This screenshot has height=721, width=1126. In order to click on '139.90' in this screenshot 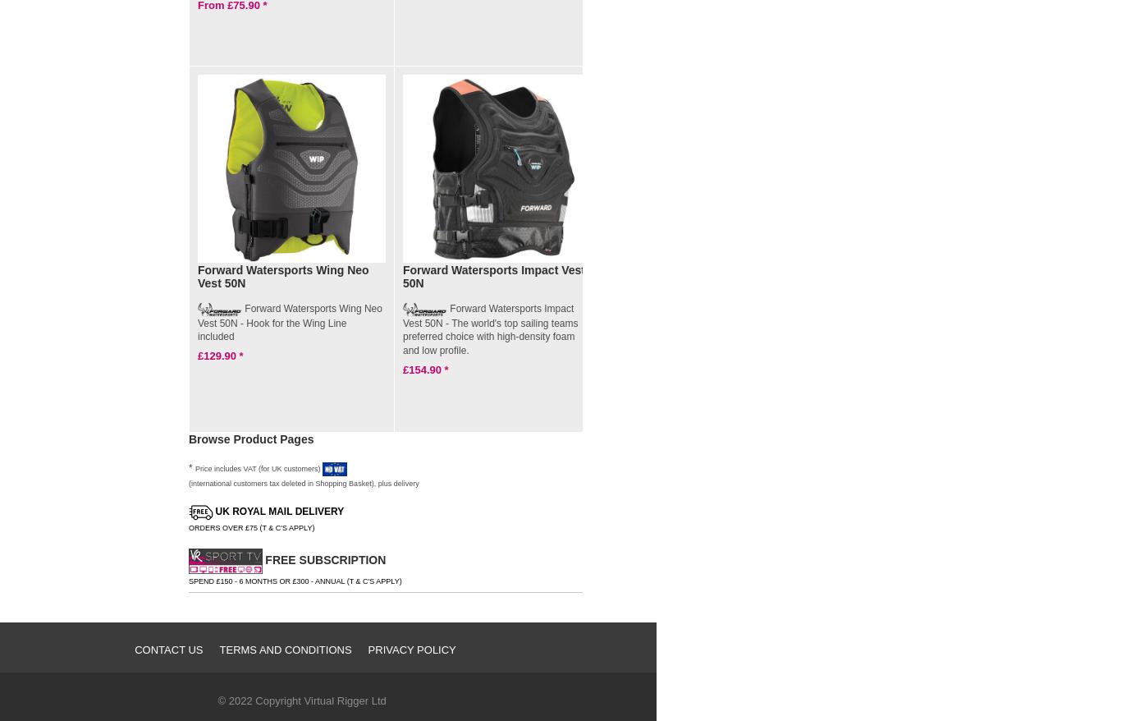, I will do `click(659, 356)`.